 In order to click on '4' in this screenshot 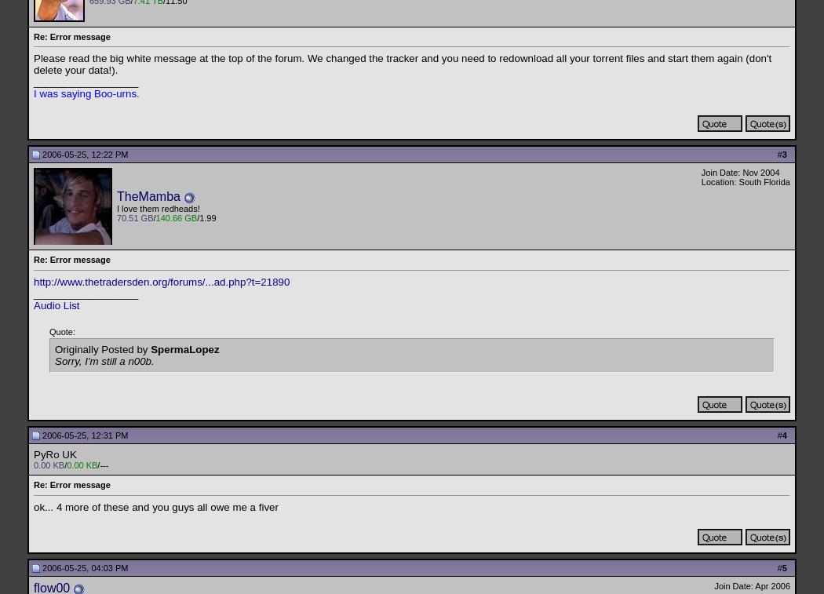, I will do `click(783, 434)`.